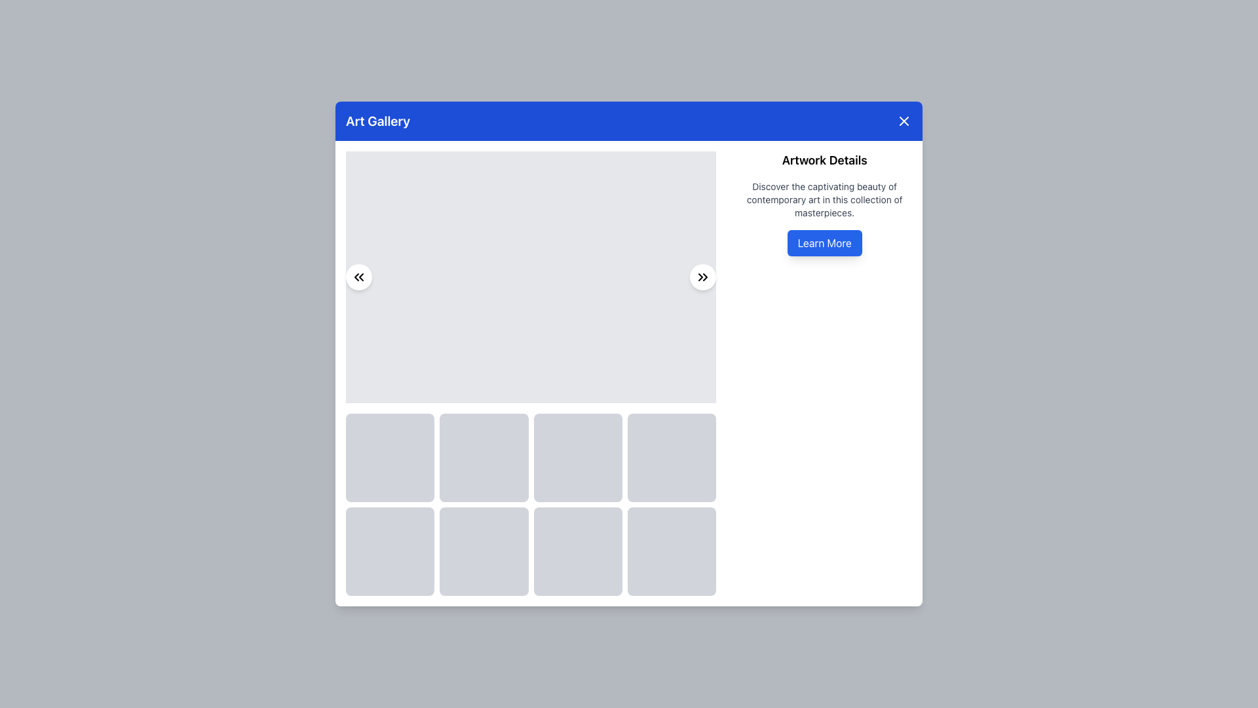 This screenshot has width=1258, height=708. What do you see at coordinates (904, 121) in the screenshot?
I see `the close button with a white 'X' icon located in the top-right corner of the 'Art Gallery' header bar` at bounding box center [904, 121].